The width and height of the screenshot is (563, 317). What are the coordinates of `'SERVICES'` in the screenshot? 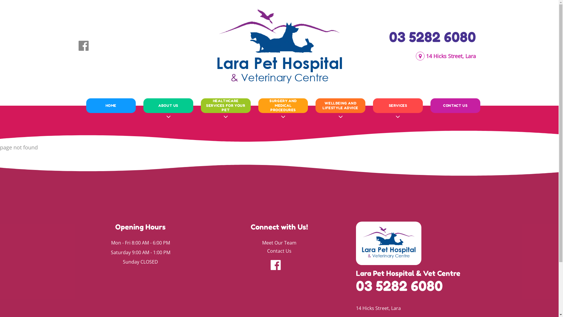 It's located at (398, 105).